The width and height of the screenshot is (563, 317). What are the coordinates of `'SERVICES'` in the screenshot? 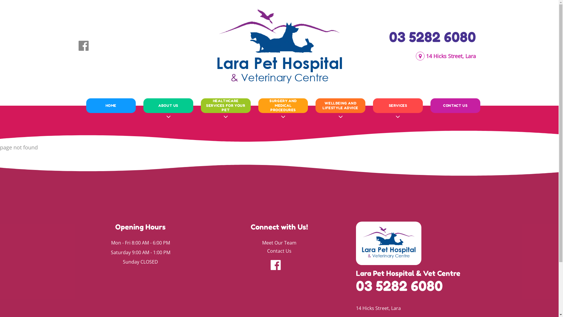 It's located at (398, 105).